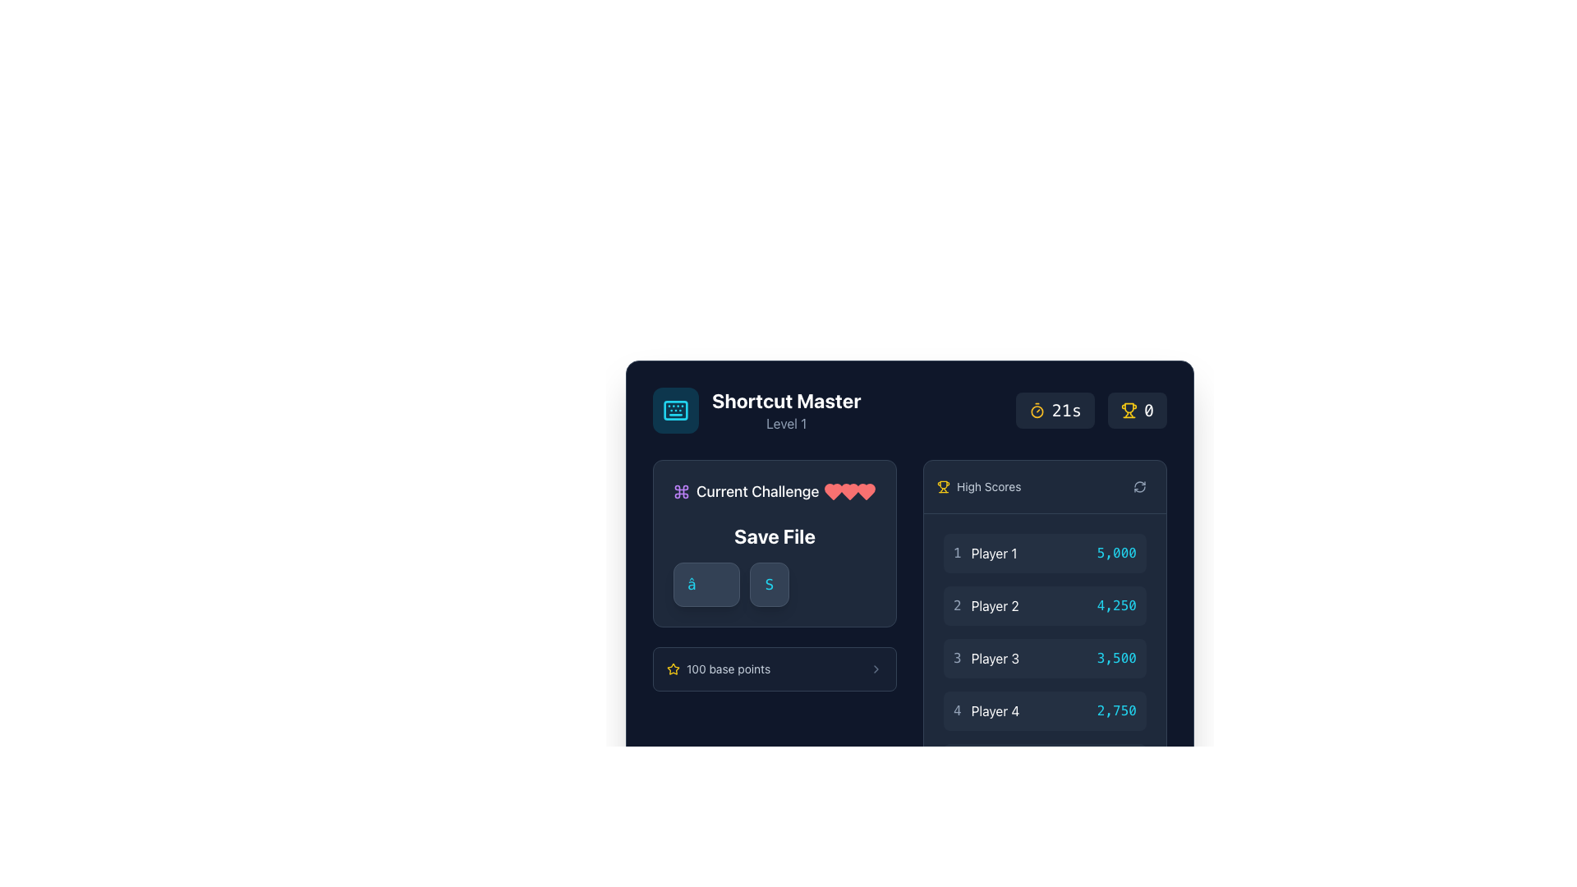 This screenshot has height=887, width=1577. What do you see at coordinates (1066, 410) in the screenshot?
I see `displayed time from the text component showing '26s' in a monospaced font style, located at the top-right corner of the interface` at bounding box center [1066, 410].